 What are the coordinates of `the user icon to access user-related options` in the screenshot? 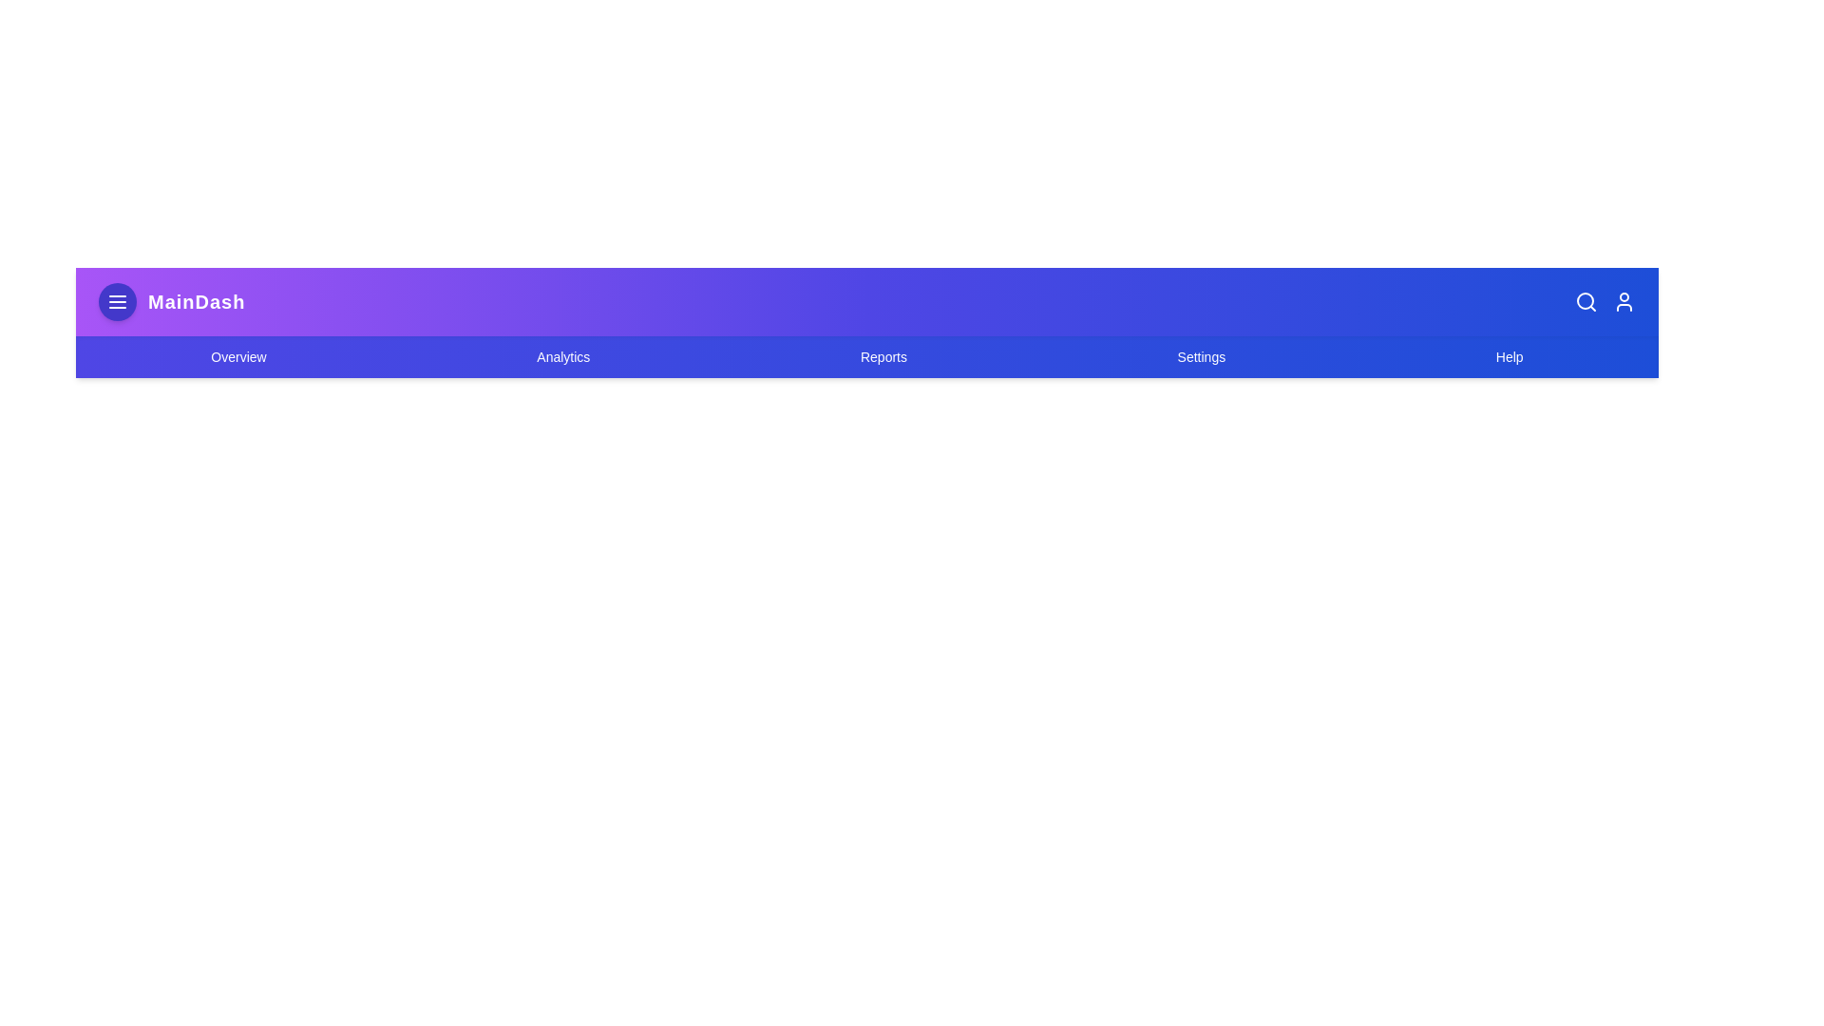 It's located at (1623, 300).